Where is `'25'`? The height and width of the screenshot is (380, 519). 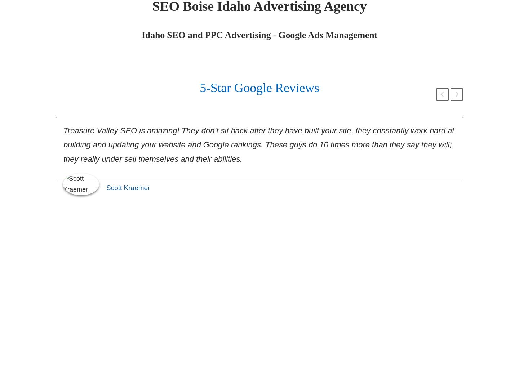
'25' is located at coordinates (88, 347).